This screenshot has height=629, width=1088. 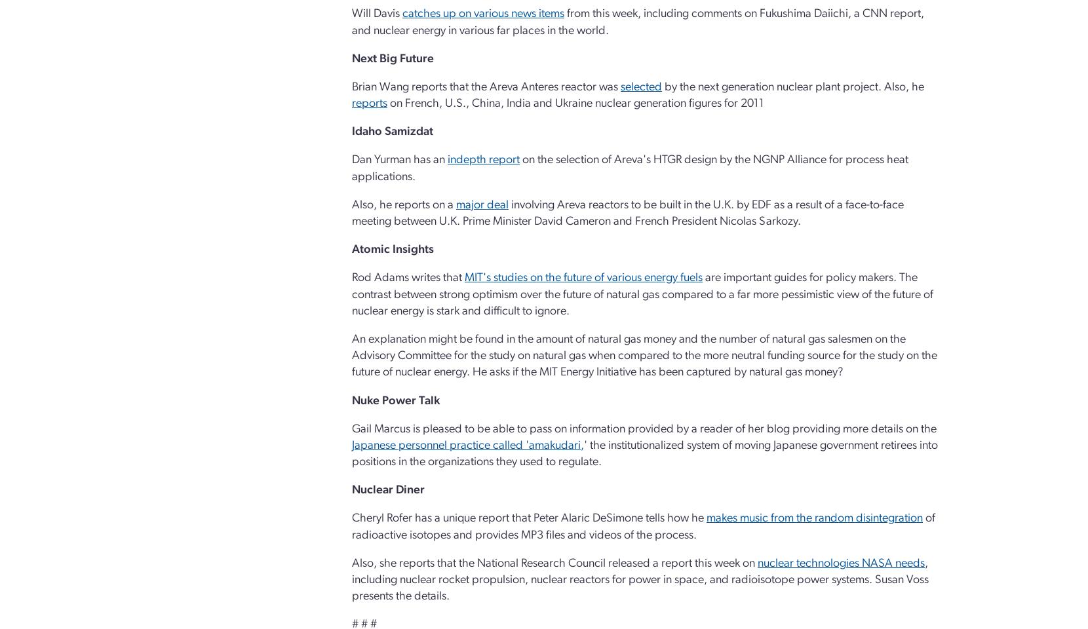 I want to click on 'Brian Wang reports that the Areva Anteres reactor was', so click(x=352, y=86).